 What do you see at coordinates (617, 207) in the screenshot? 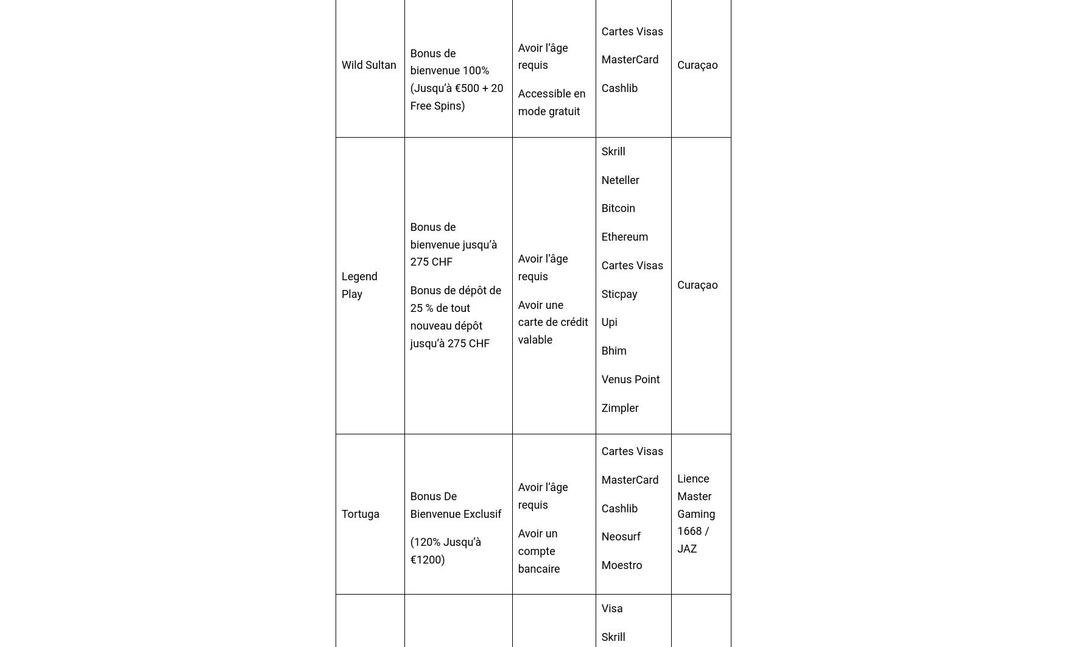
I see `'Bitcoin'` at bounding box center [617, 207].